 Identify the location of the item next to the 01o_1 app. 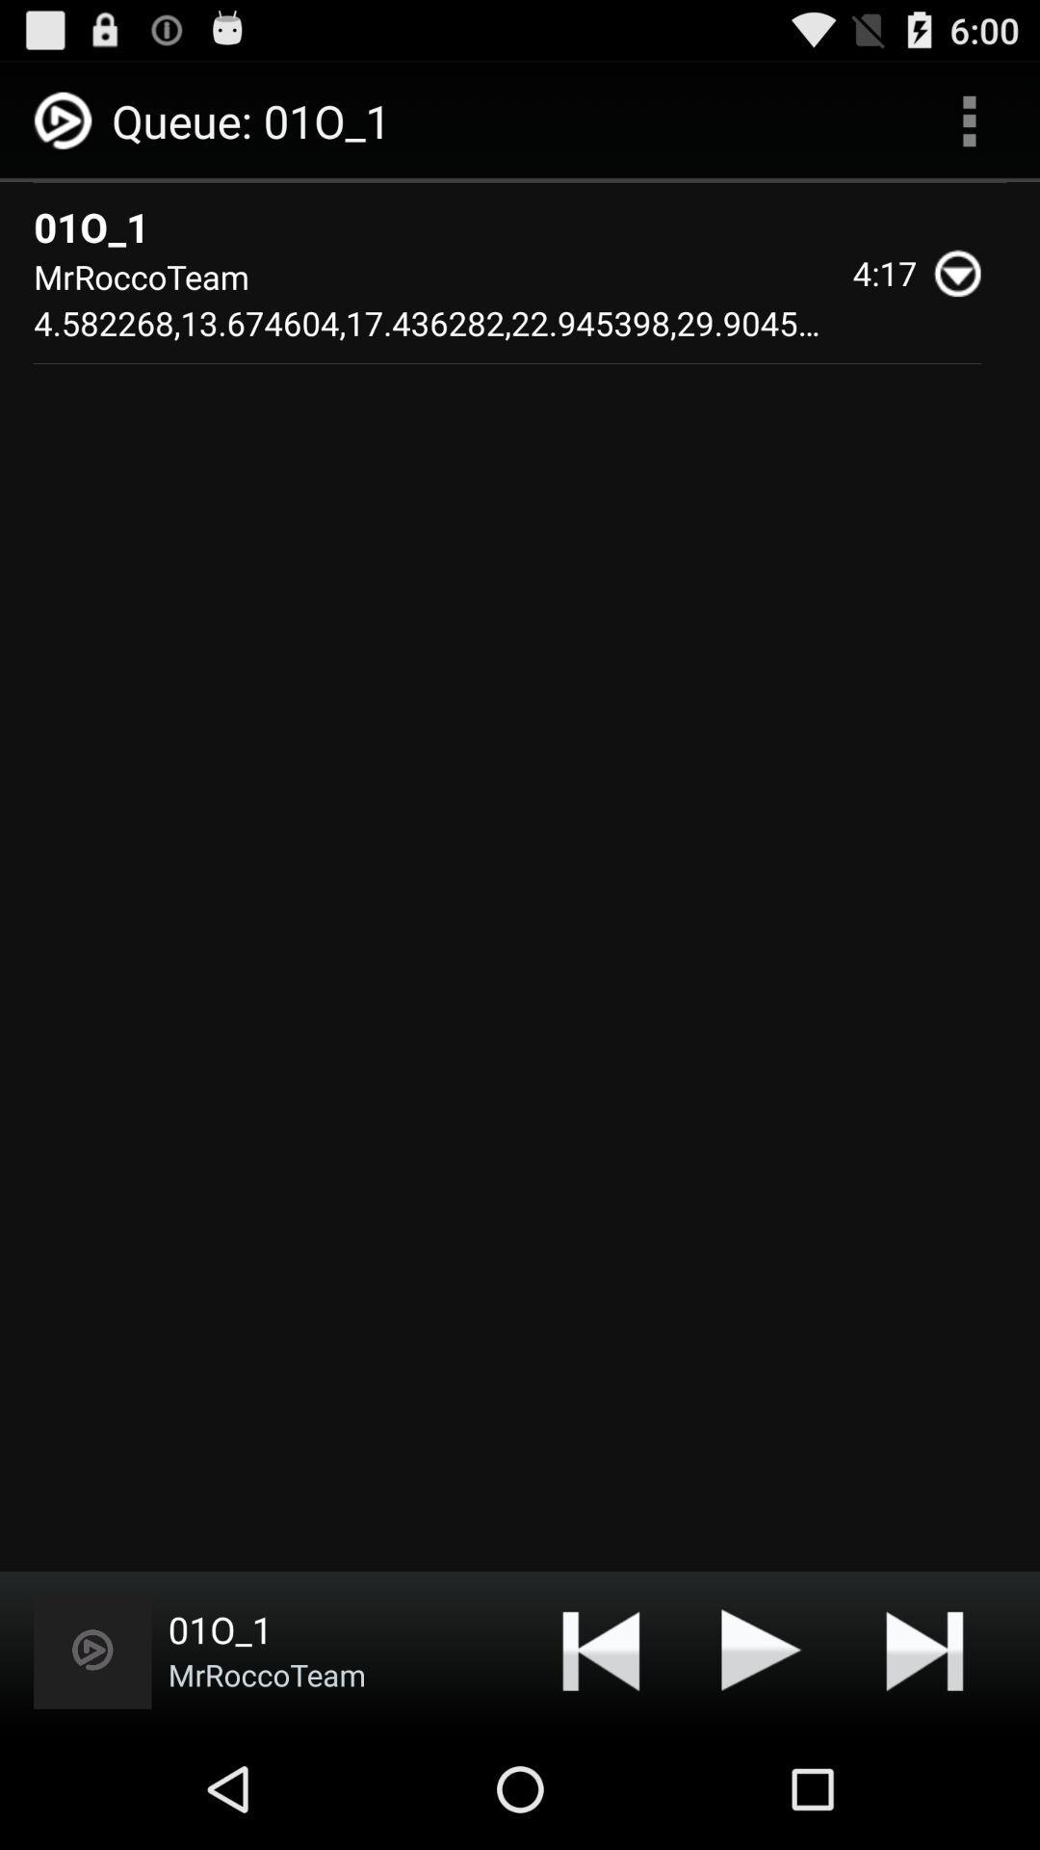
(92, 1649).